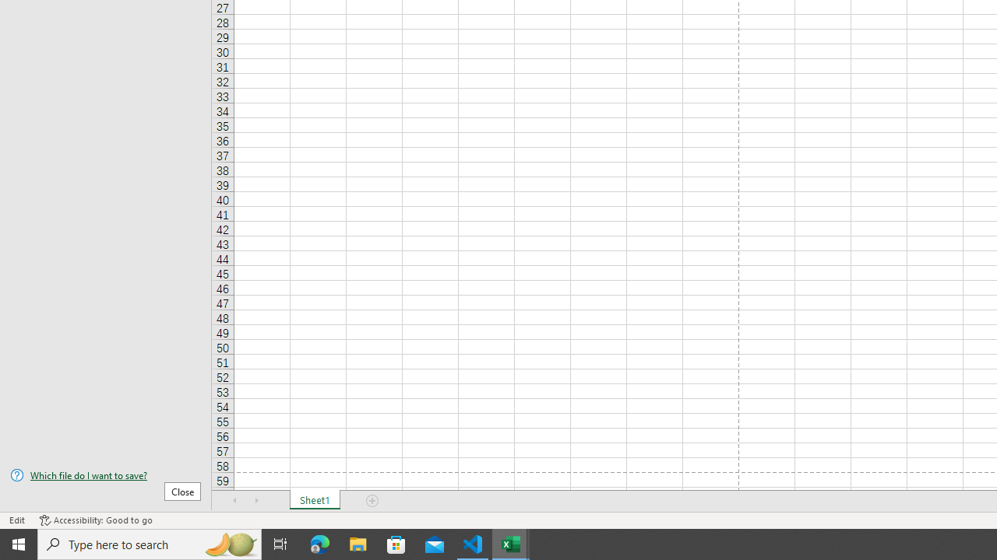 The width and height of the screenshot is (997, 560). What do you see at coordinates (257, 501) in the screenshot?
I see `'Scroll Right'` at bounding box center [257, 501].